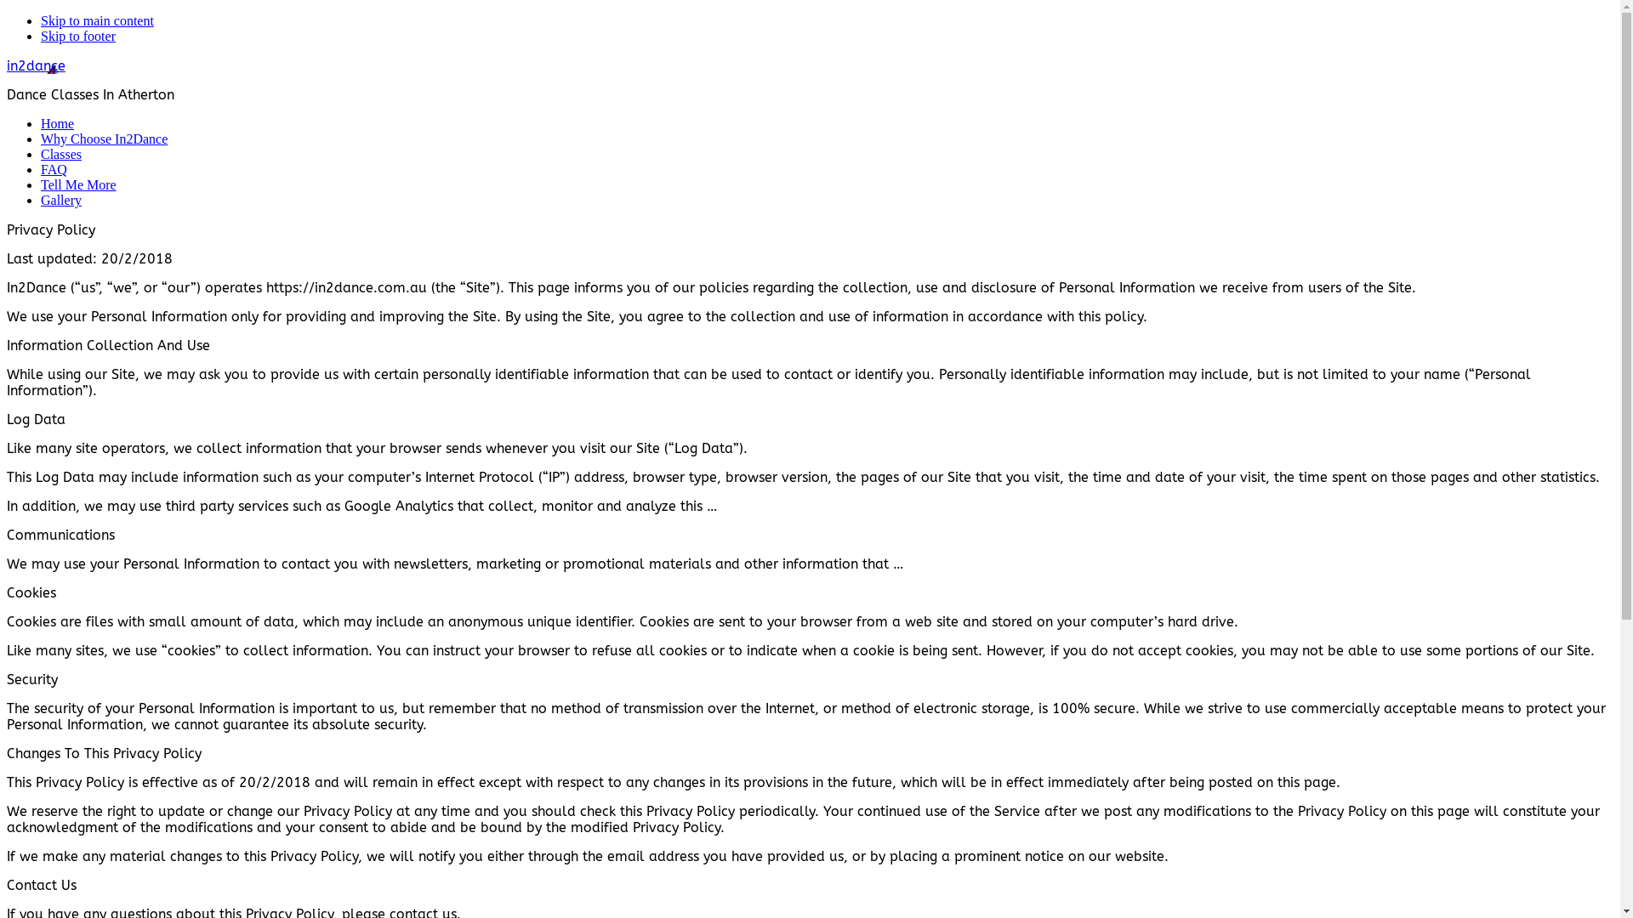  What do you see at coordinates (77, 184) in the screenshot?
I see `'Tell Me More'` at bounding box center [77, 184].